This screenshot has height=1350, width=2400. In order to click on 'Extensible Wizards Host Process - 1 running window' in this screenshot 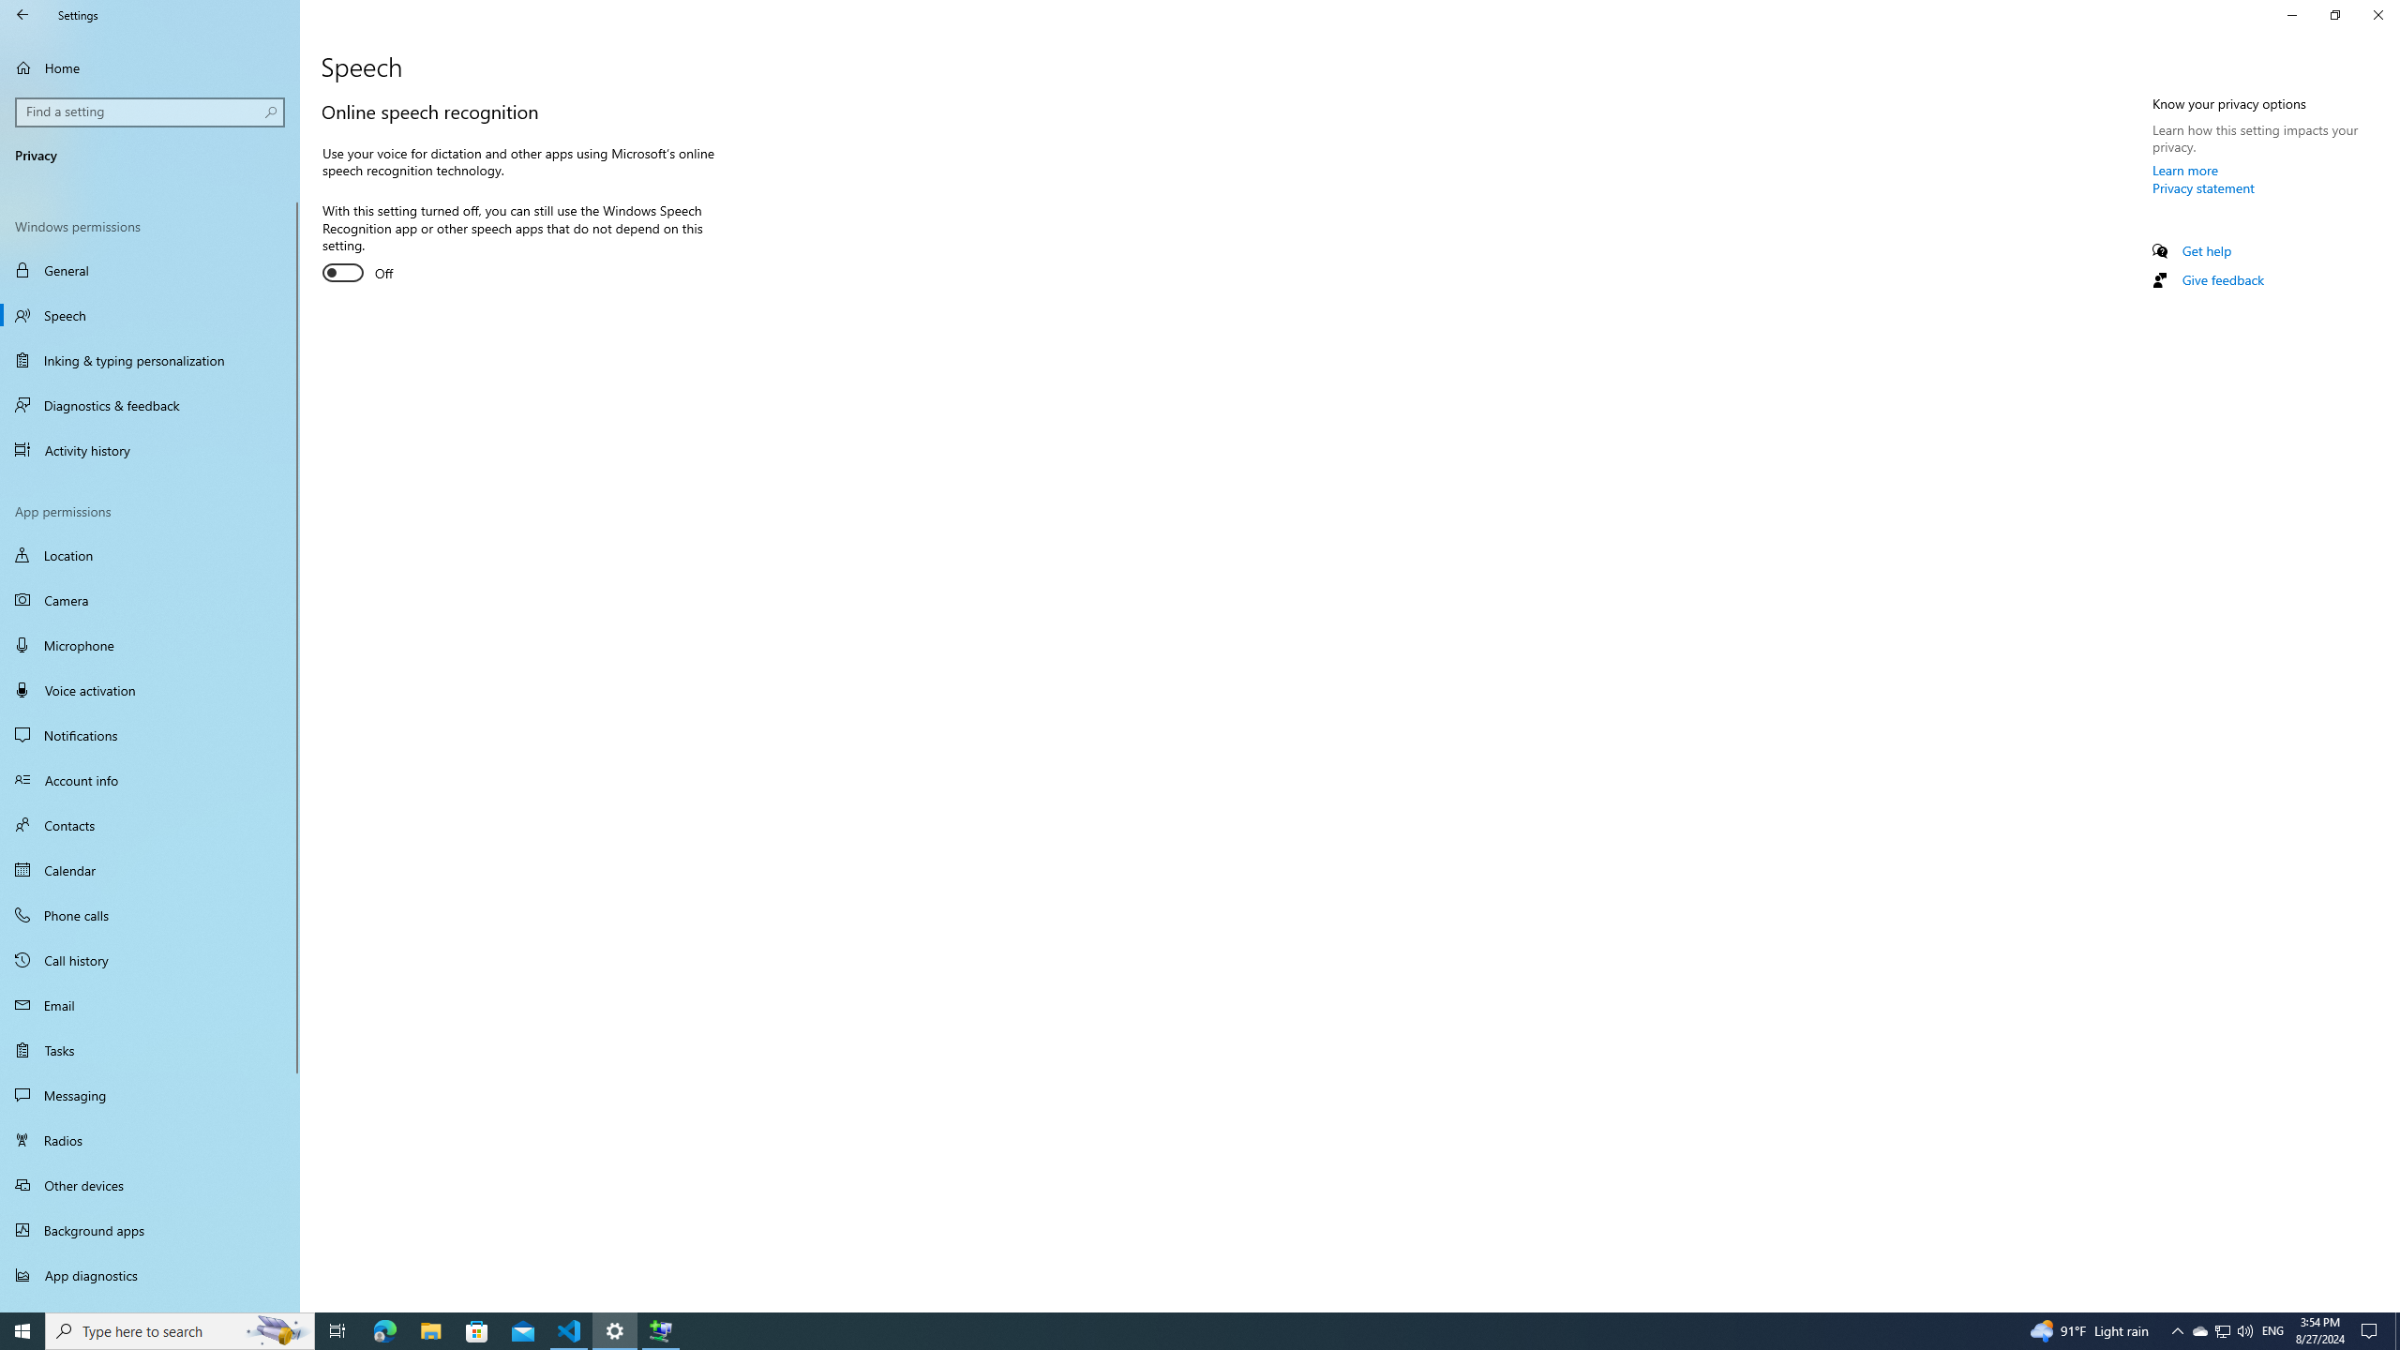, I will do `click(661, 1329)`.